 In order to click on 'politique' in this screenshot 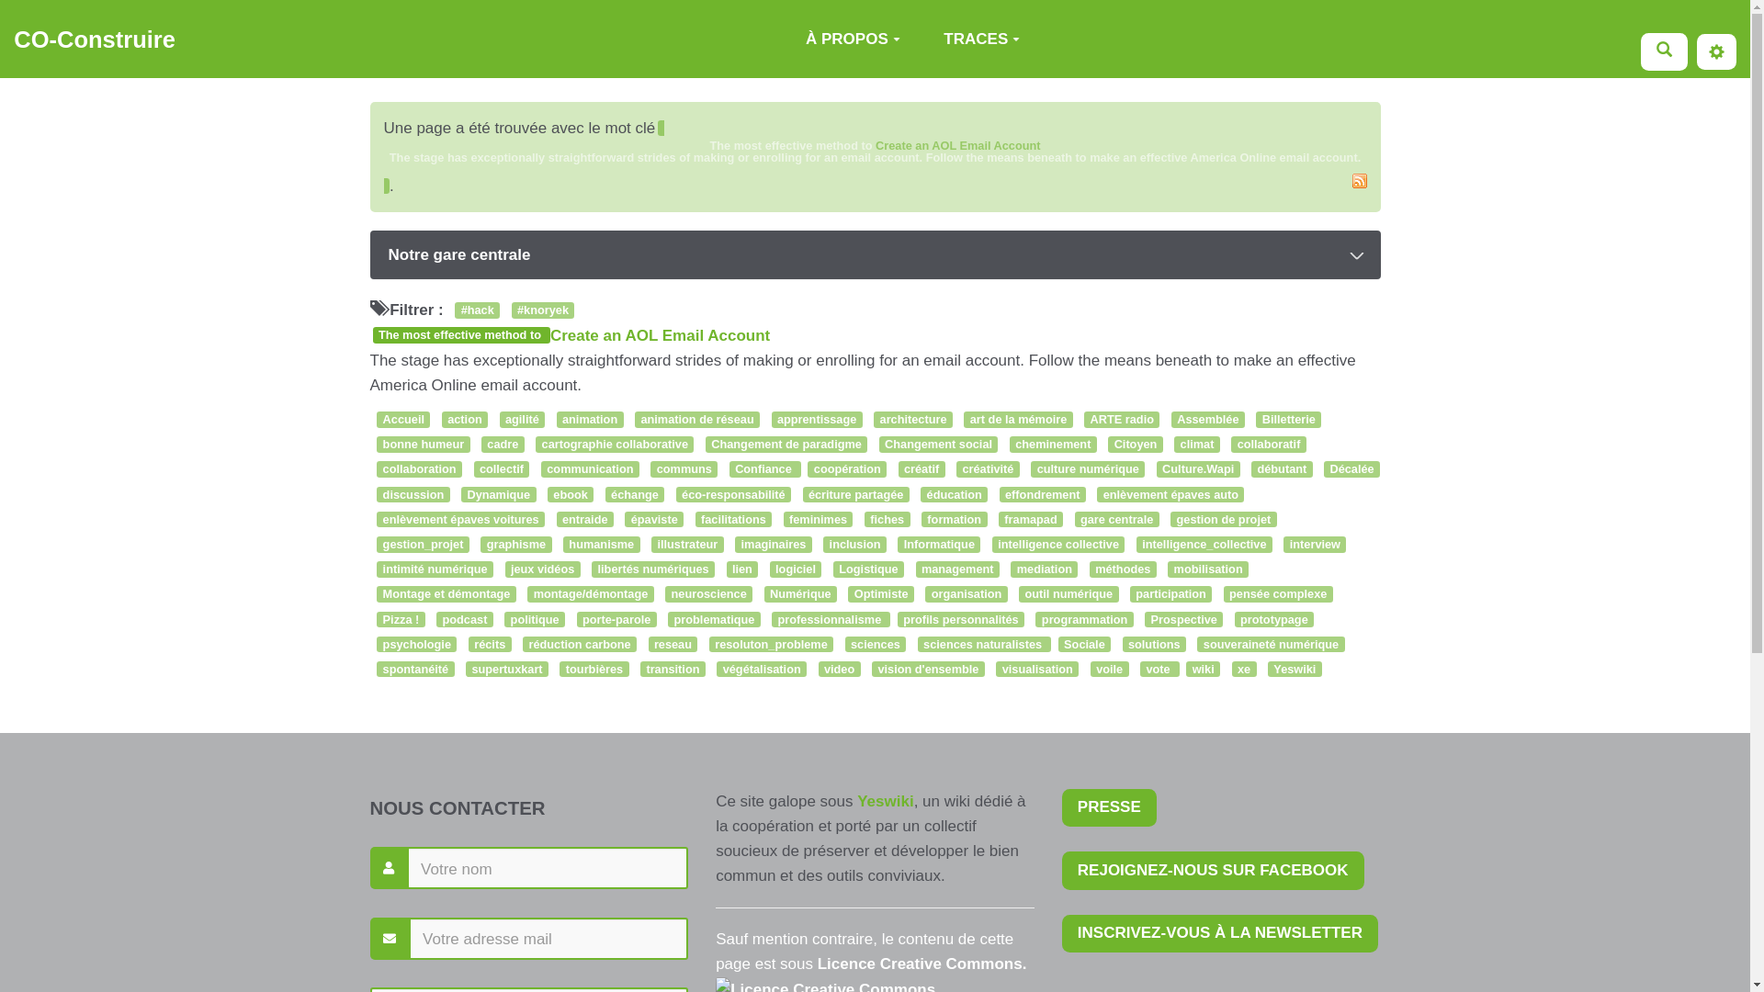, I will do `click(533, 620)`.